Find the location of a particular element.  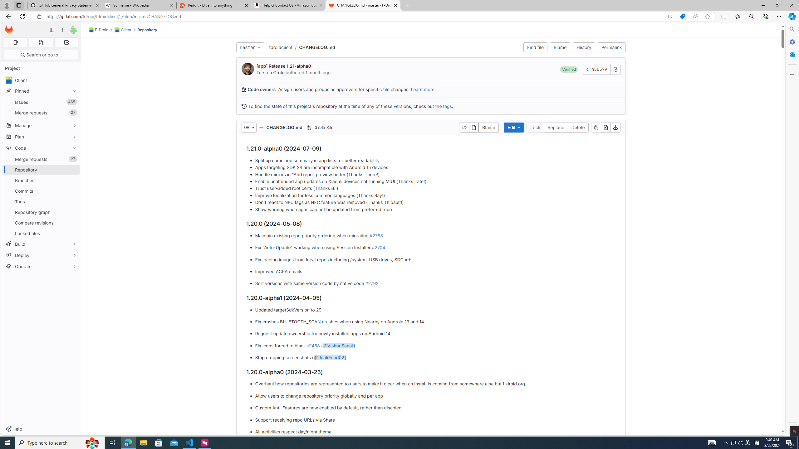

'Homepage' is located at coordinates (9, 30).